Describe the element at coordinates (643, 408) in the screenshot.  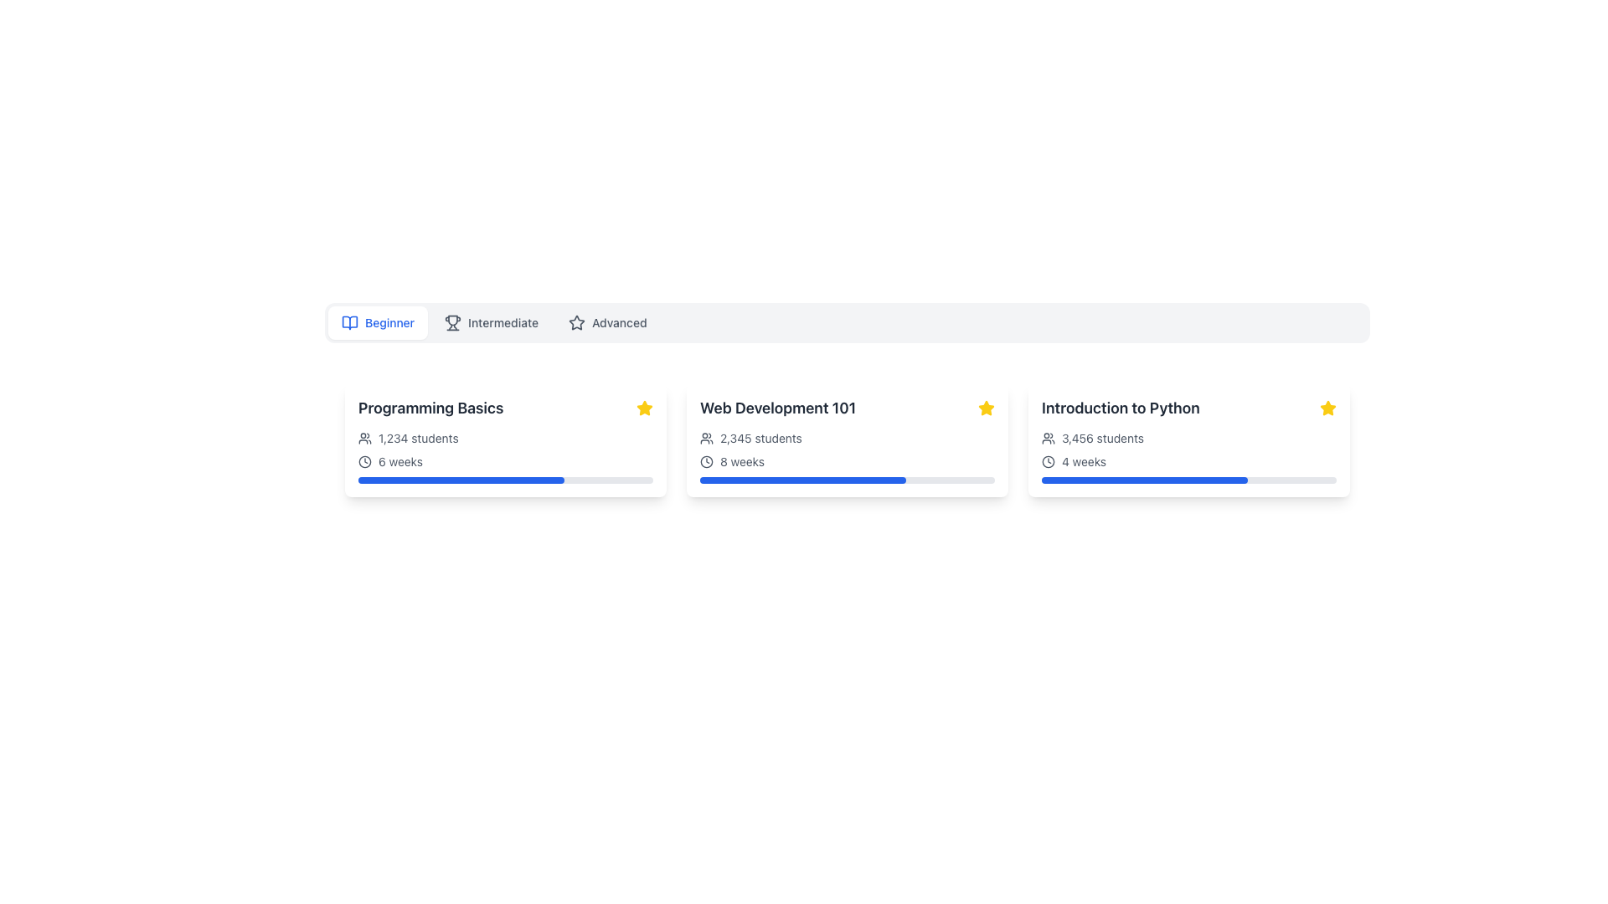
I see `the yellow star icon indicating favorite status located in the upper-right corner of the 'Programming Basics' card` at that location.